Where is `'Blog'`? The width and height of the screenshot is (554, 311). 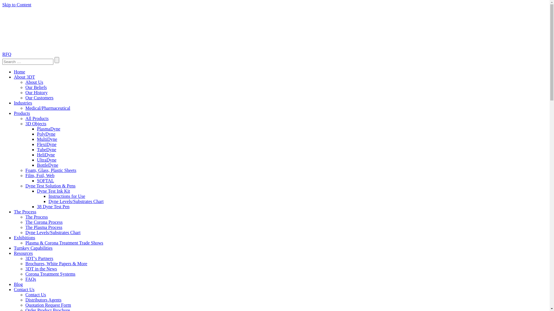 'Blog' is located at coordinates (14, 284).